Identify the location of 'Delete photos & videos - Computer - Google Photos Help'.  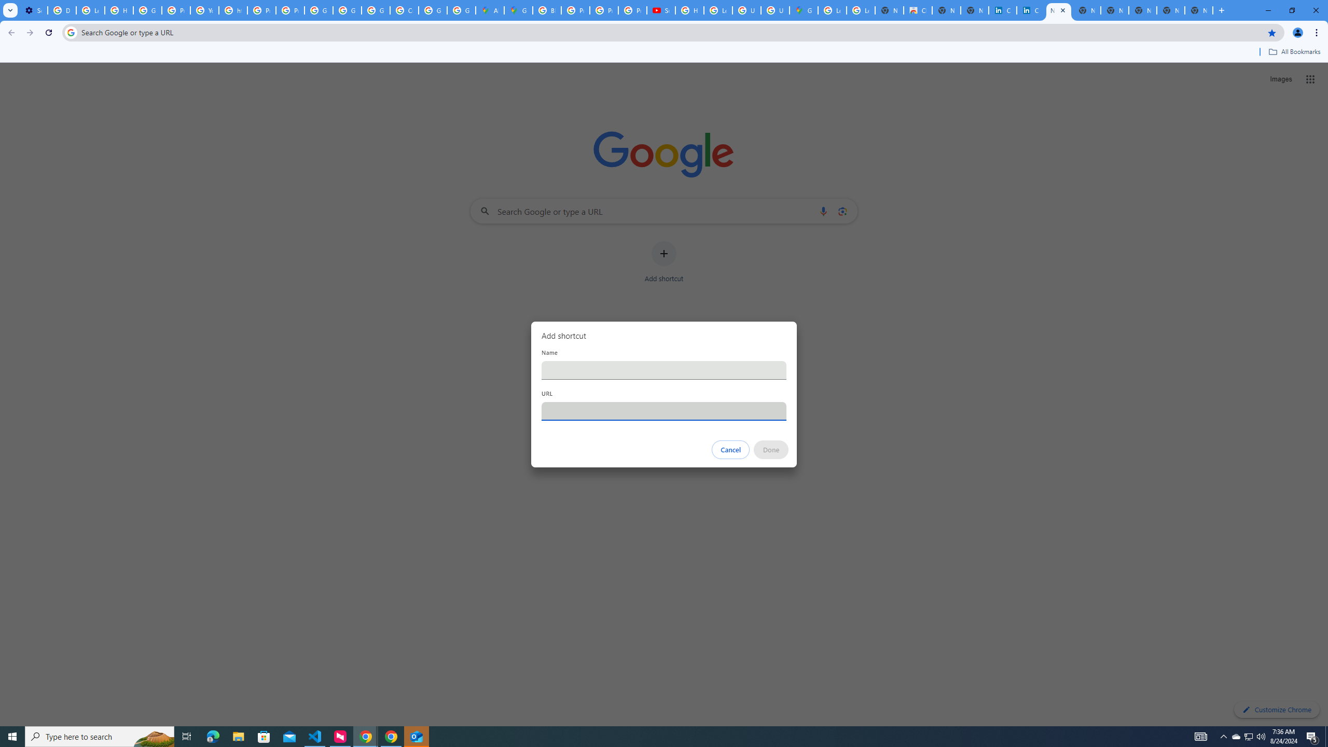
(61, 10).